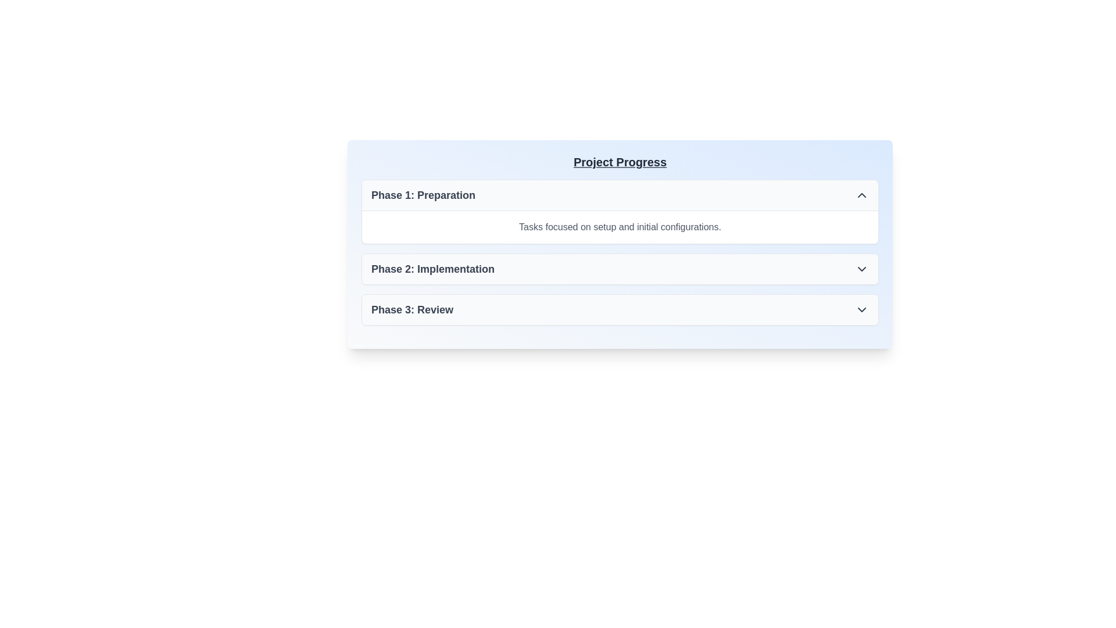 The image size is (1116, 628). I want to click on text of the header element displaying 'Phase 2: Implementation', which is centrally positioned in the second section of 'Project Progress', so click(432, 269).